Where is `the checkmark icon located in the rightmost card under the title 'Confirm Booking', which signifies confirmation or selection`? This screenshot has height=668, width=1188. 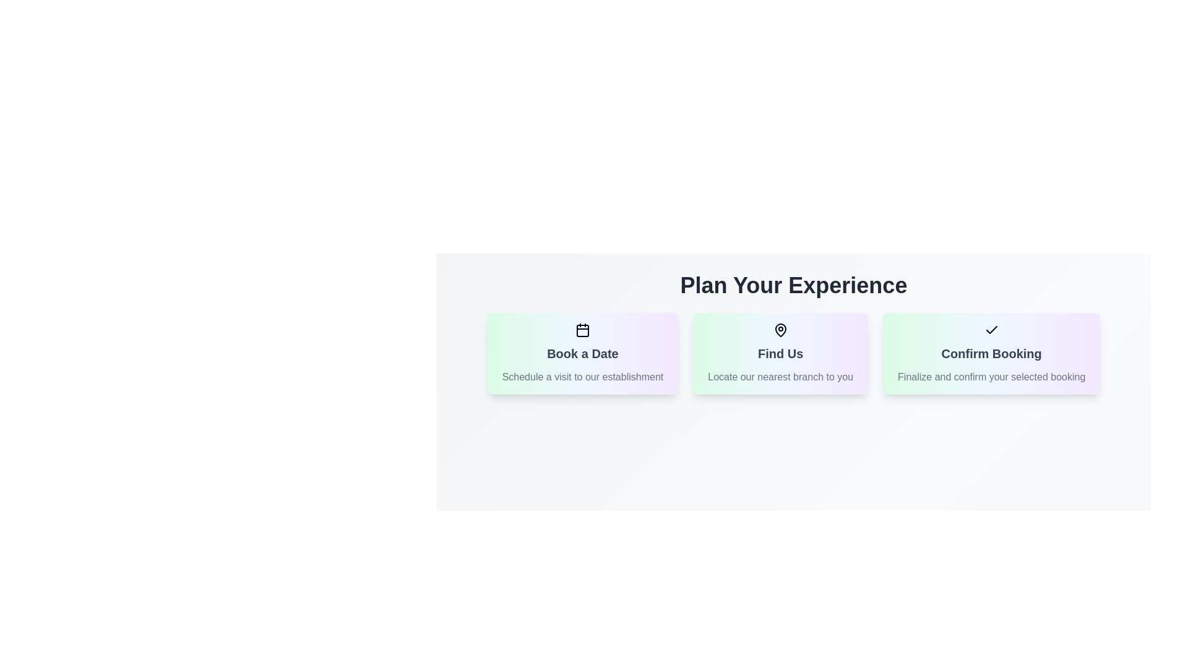
the checkmark icon located in the rightmost card under the title 'Confirm Booking', which signifies confirmation or selection is located at coordinates (991, 329).